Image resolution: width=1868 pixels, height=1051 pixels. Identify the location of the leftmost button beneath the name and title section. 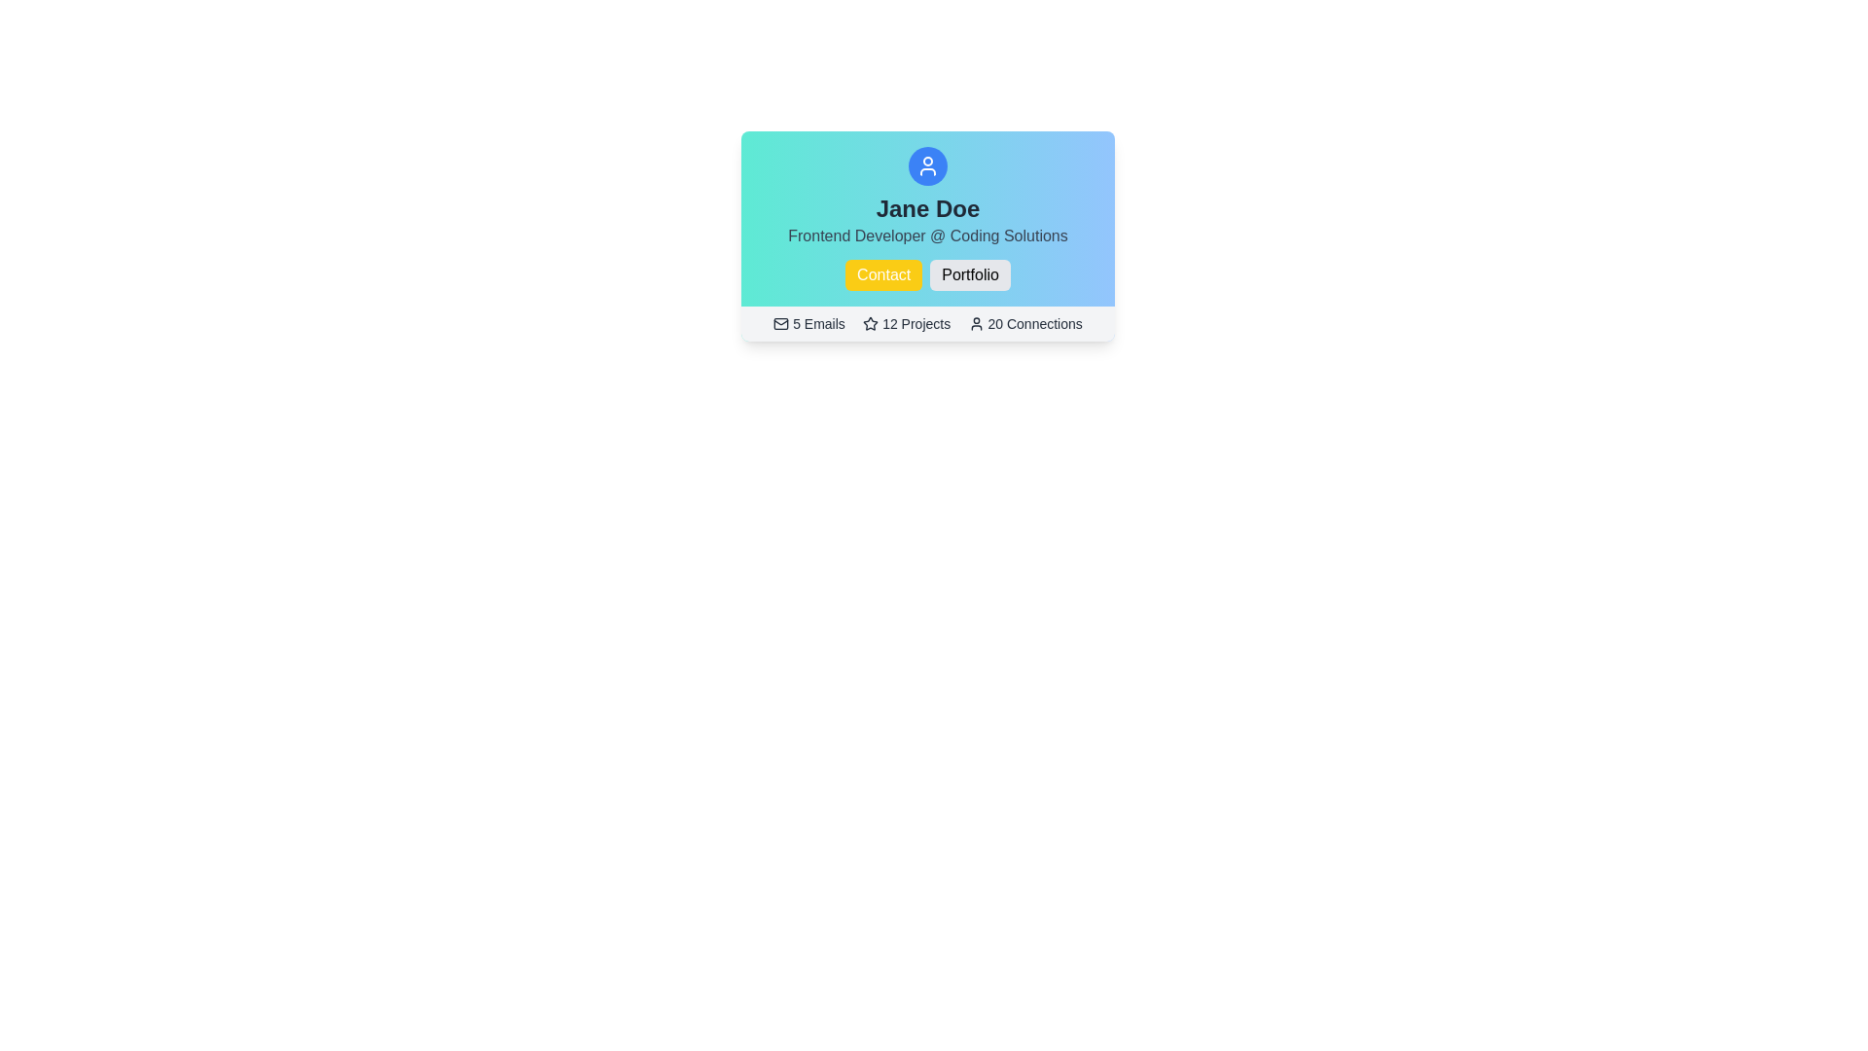
(882, 274).